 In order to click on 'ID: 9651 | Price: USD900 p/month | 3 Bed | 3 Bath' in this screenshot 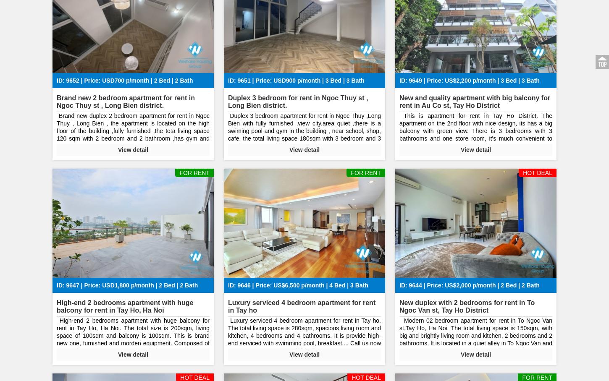, I will do `click(295, 81)`.